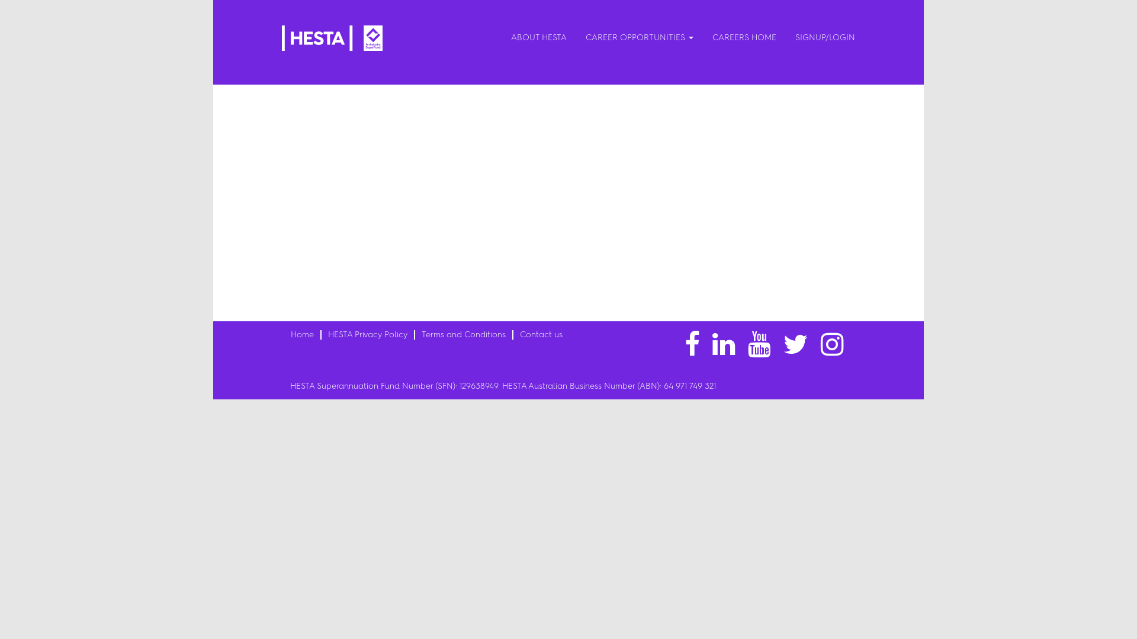  I want to click on 'Terms and Conditions', so click(462, 335).